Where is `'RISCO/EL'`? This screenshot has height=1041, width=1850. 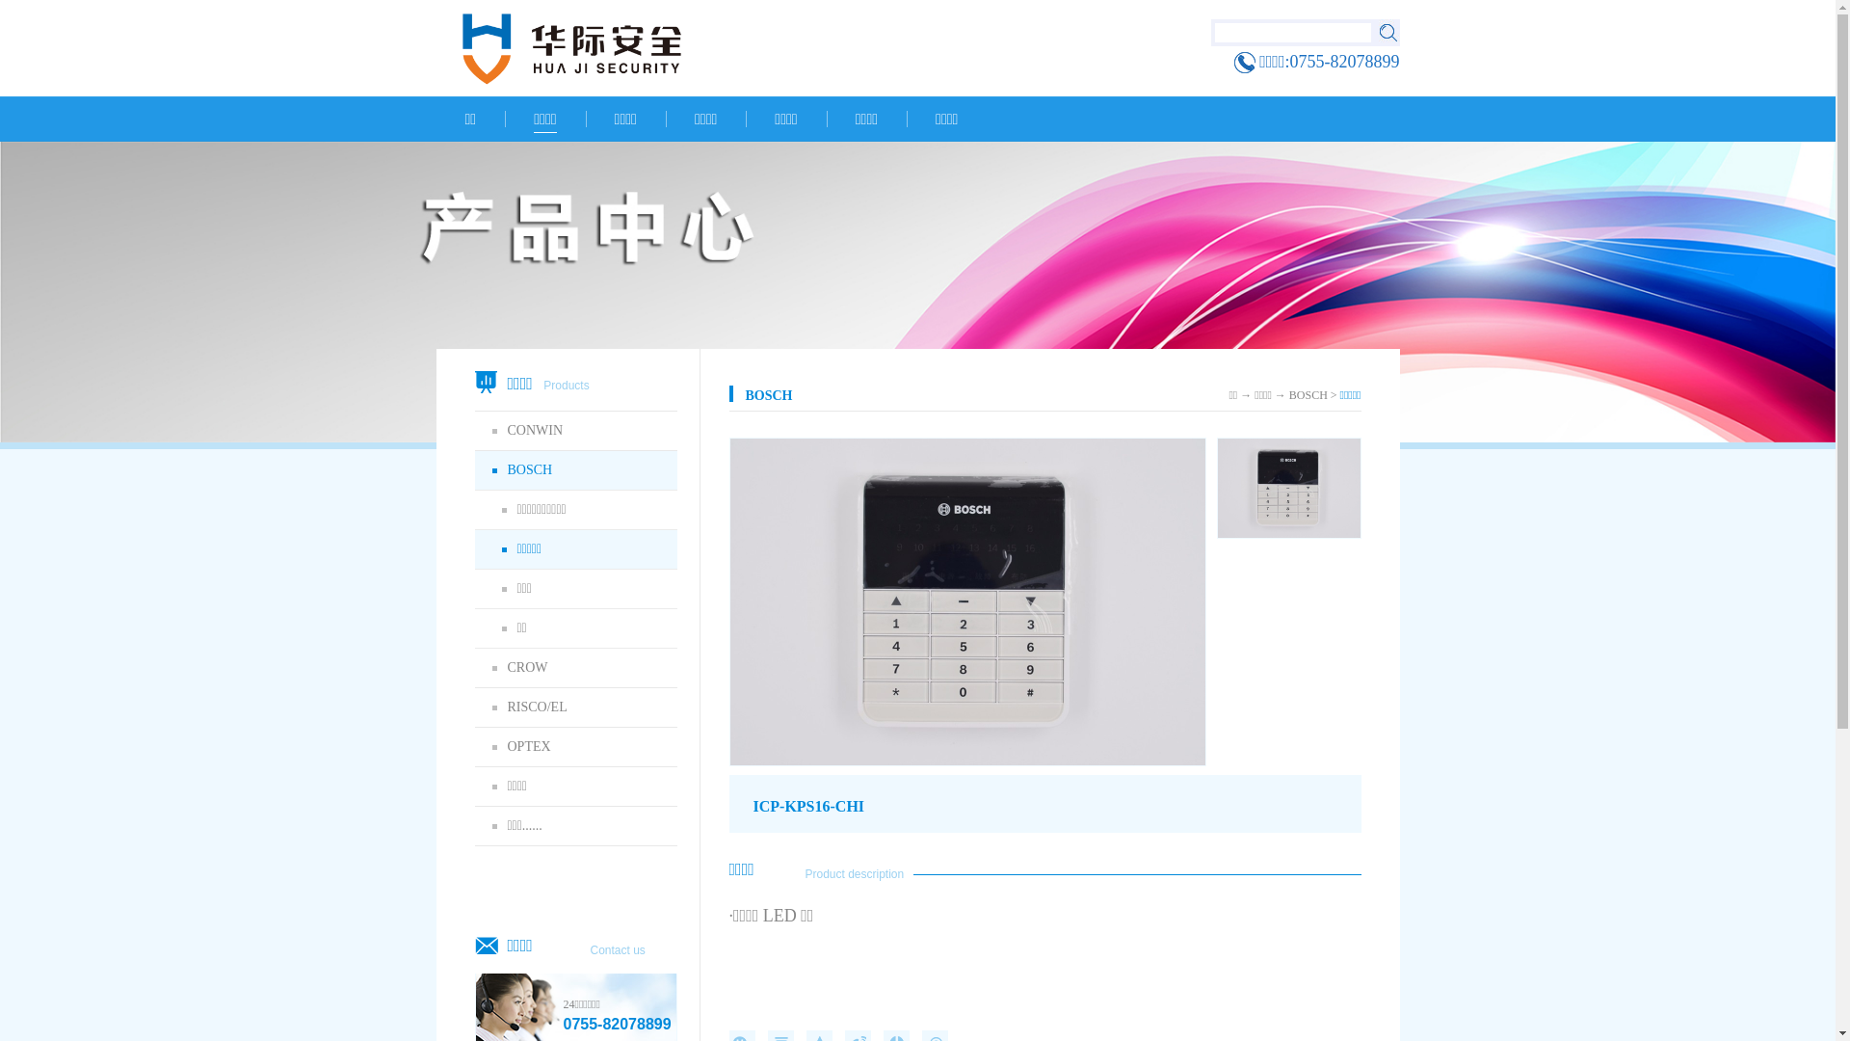 'RISCO/EL' is located at coordinates (473, 707).